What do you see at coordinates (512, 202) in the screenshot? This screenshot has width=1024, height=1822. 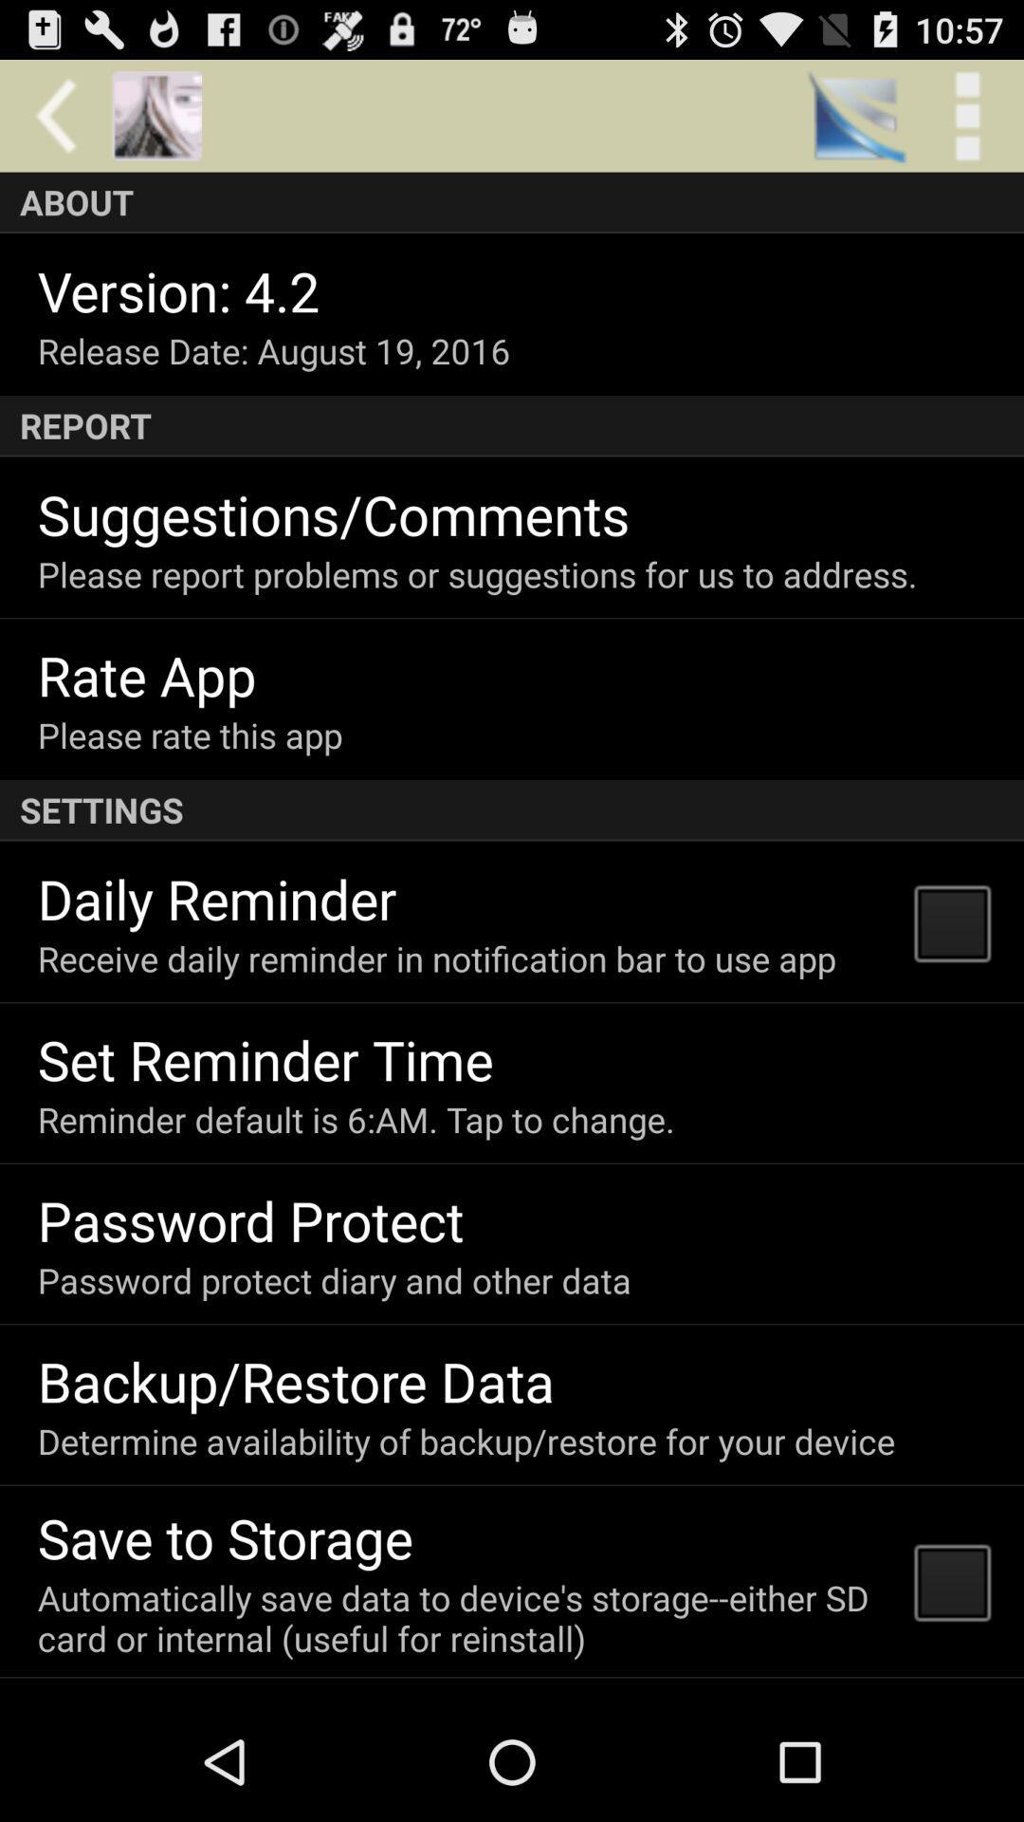 I see `the about` at bounding box center [512, 202].